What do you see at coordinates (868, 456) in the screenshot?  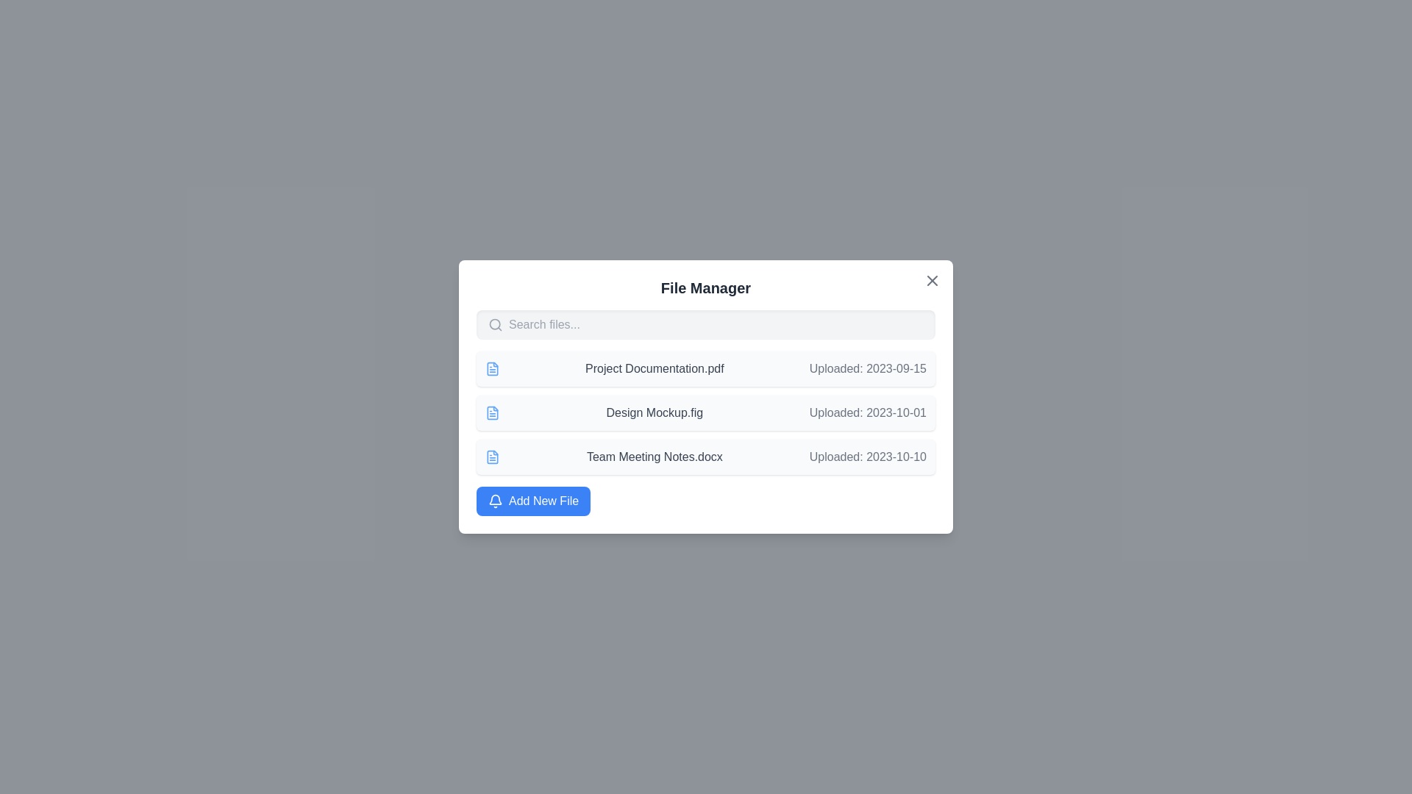 I see `text label displaying the upload date 'Uploaded: 2023-10-10' which is styled in gray font color and positioned to the right of the file name 'Team Meeting Notes.docx' on the bottom card of the file manager dialog` at bounding box center [868, 456].